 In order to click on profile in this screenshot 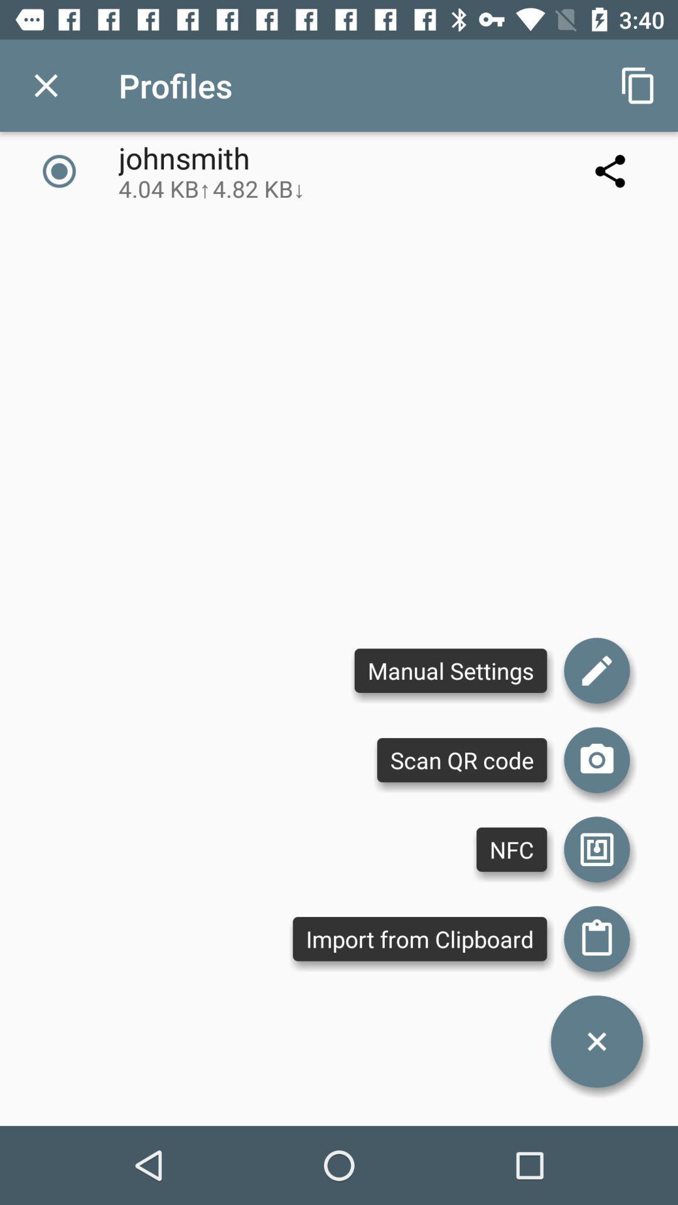, I will do `click(45, 85)`.